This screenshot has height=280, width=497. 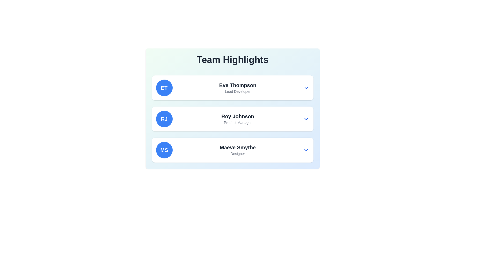 What do you see at coordinates (306, 119) in the screenshot?
I see `the button located at the far-right edge of the card for 'Roy Johnson'` at bounding box center [306, 119].